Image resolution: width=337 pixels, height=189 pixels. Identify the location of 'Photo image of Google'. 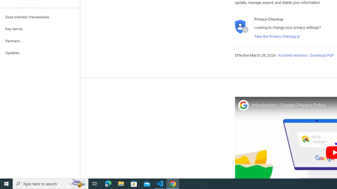
(243, 105).